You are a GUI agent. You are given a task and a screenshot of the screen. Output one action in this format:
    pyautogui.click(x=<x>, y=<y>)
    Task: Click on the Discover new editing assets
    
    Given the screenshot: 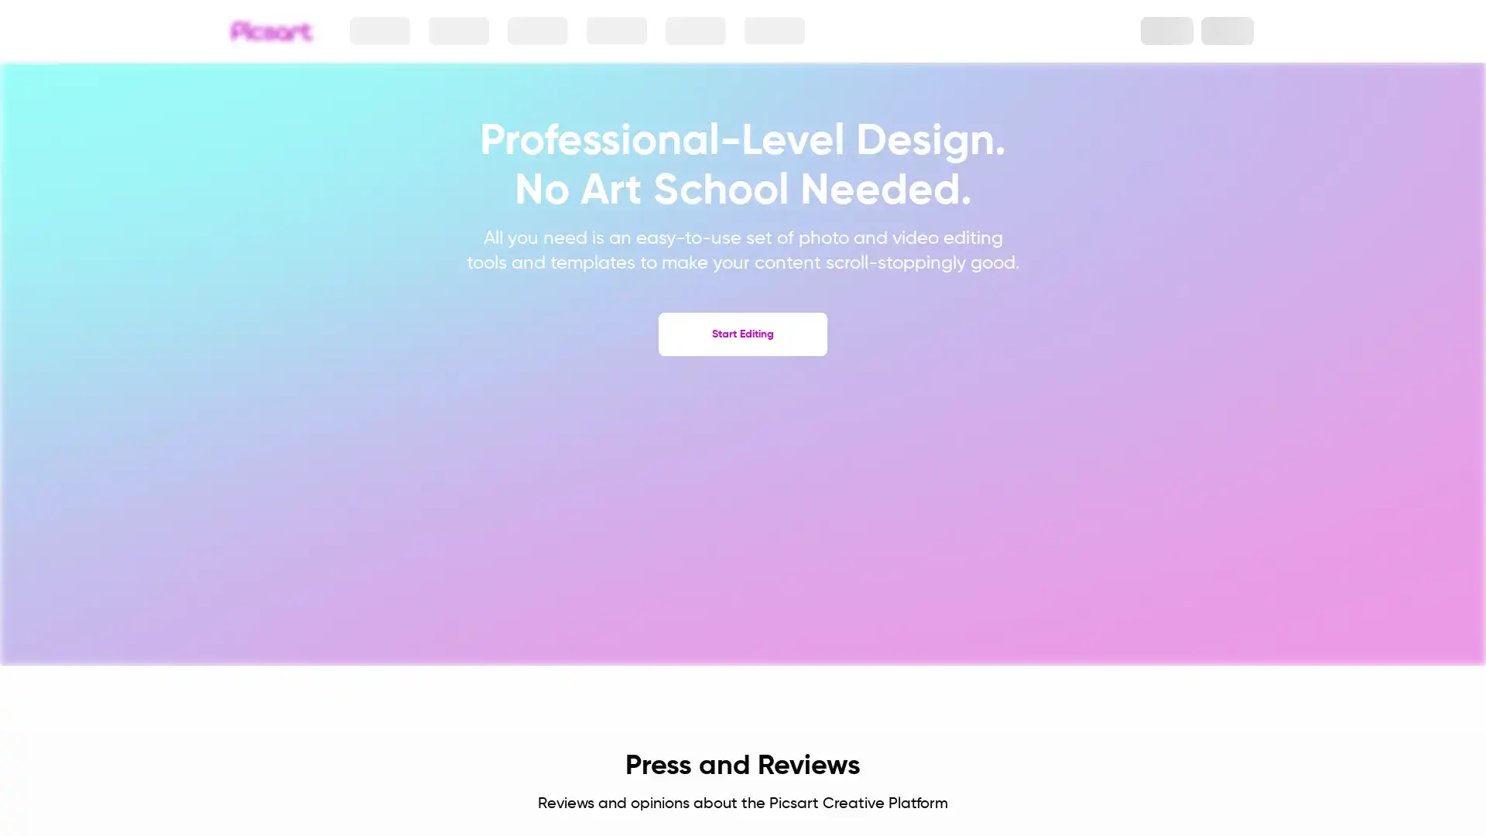 What is the action you would take?
    pyautogui.click(x=690, y=30)
    